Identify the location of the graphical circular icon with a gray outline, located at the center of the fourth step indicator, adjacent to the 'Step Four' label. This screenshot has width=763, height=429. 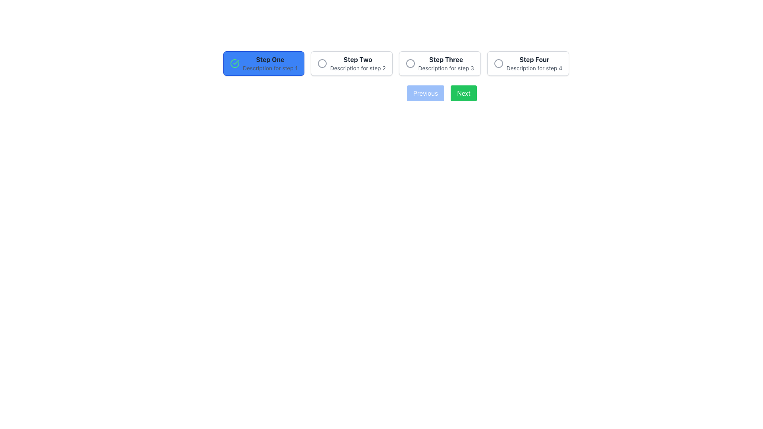
(498, 63).